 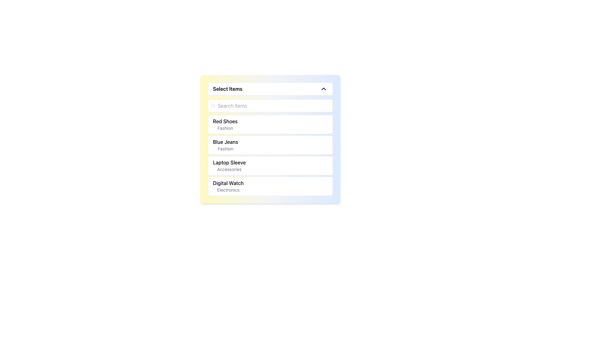 What do you see at coordinates (228, 183) in the screenshot?
I see `the text label displaying 'Digital Watch' which serves as a title in the grouped item layout under 'Select Items'` at bounding box center [228, 183].